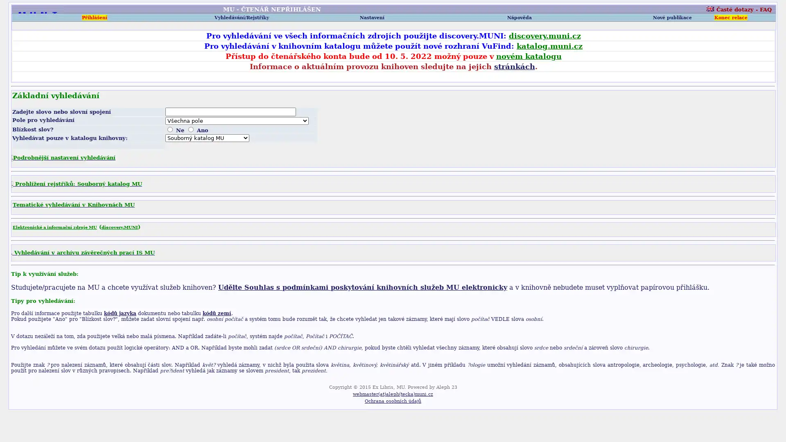 This screenshot has width=786, height=442. I want to click on Potvrdit zakladni vyhledavani, so click(27, 146).